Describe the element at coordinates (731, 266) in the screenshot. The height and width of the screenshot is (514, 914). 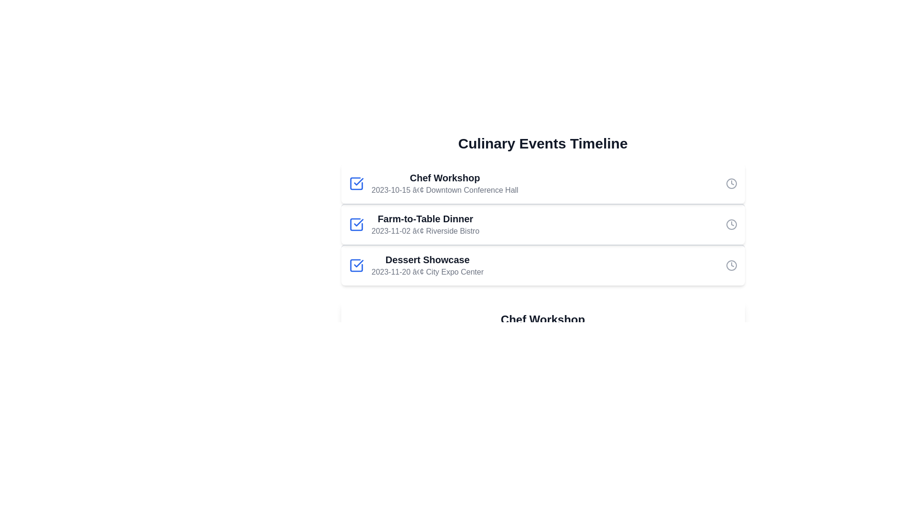
I see `decorative circular dial of the clock icon representing time for the 'Dessert Showcase' event entry in the timeline` at that location.